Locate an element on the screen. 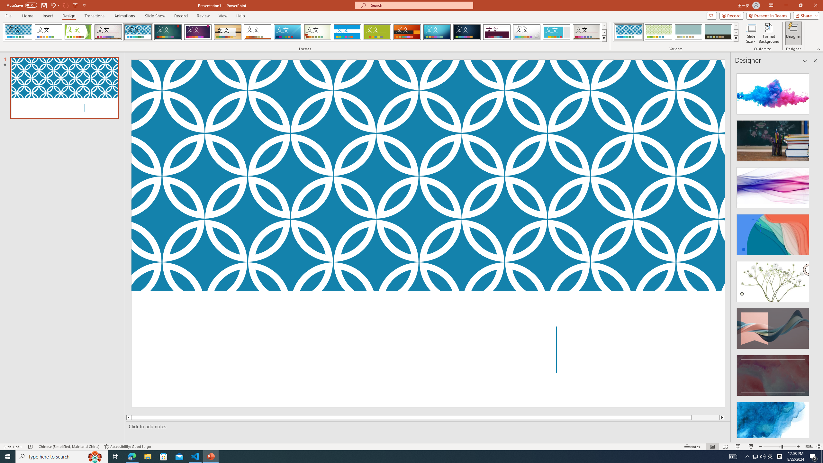  'Format Background' is located at coordinates (769, 33).